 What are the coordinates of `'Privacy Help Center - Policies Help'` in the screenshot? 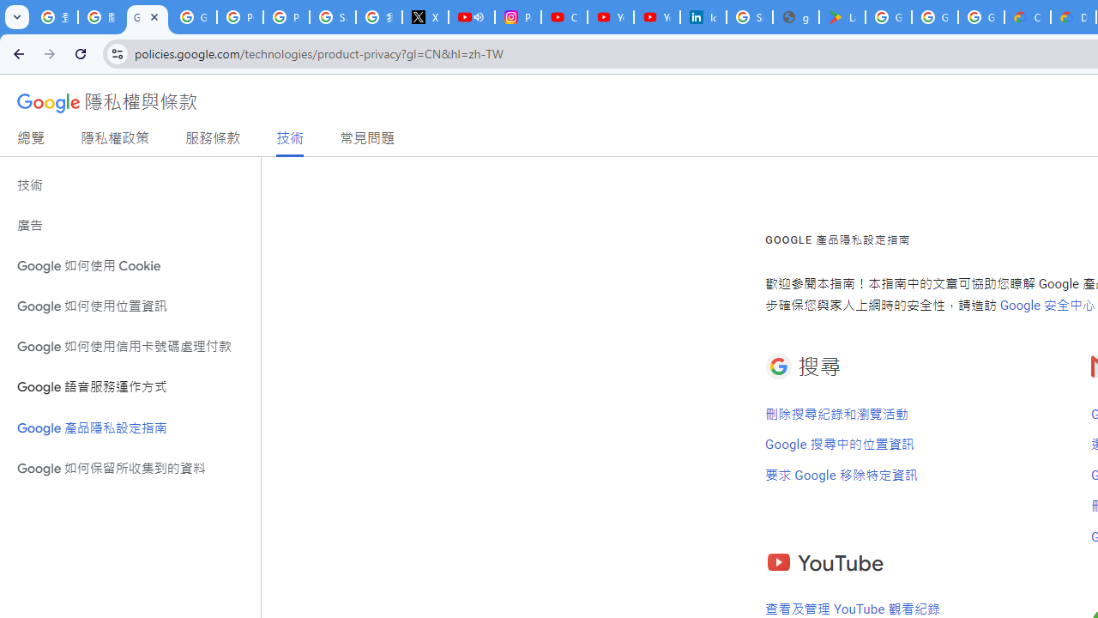 It's located at (239, 17).